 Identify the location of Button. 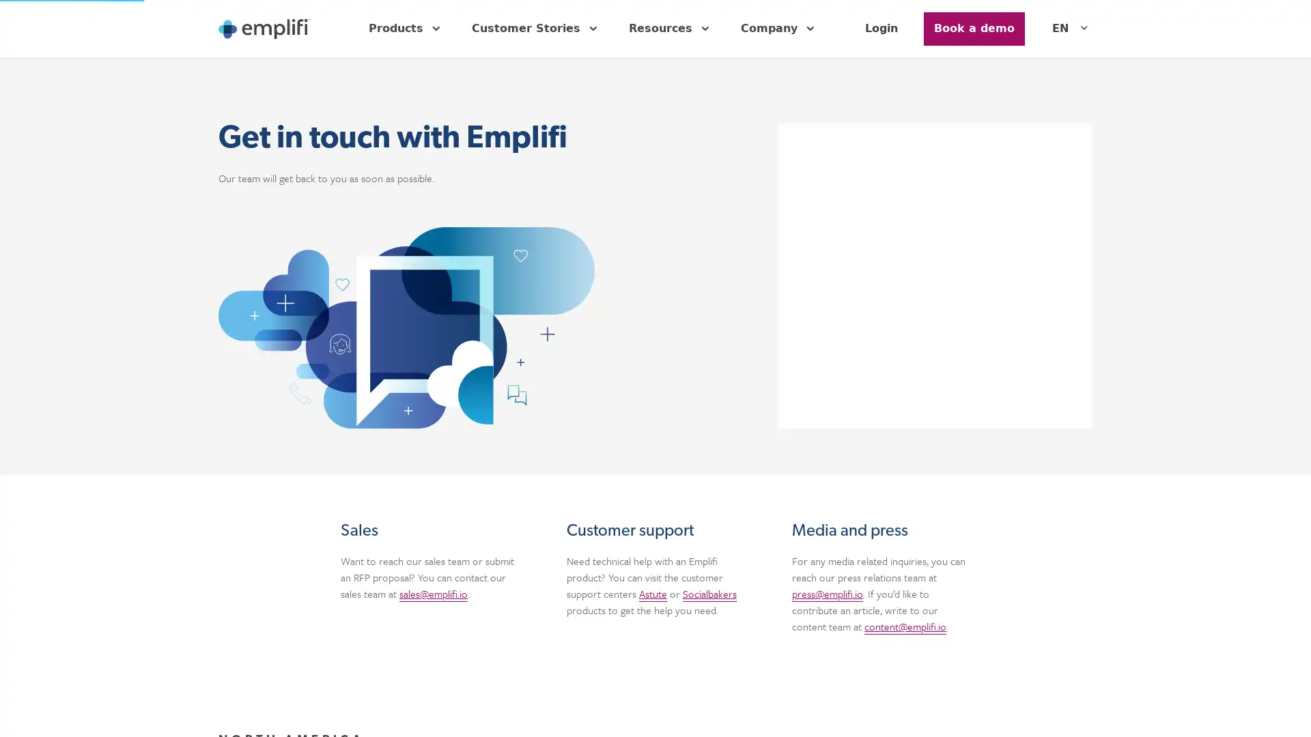
(973, 29).